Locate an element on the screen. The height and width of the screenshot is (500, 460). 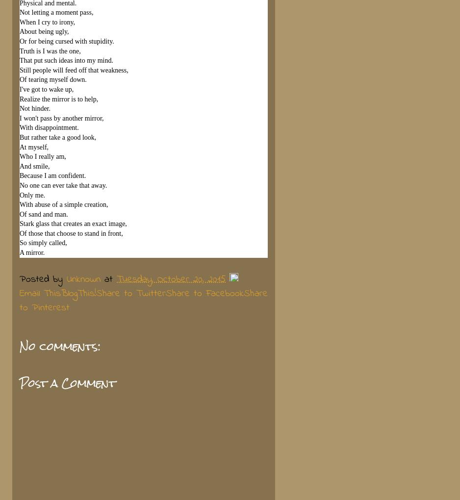
'So simply called,' is located at coordinates (43, 243).